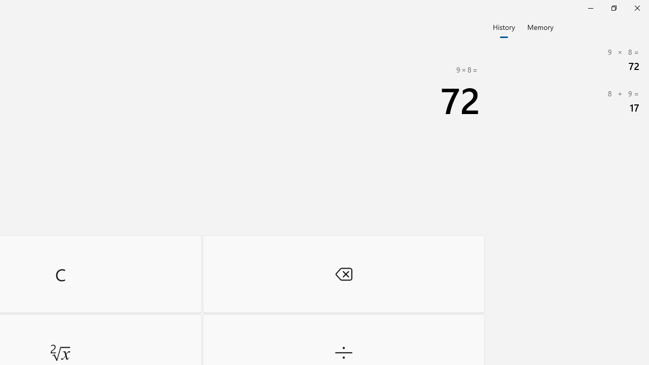 This screenshot has width=649, height=365. What do you see at coordinates (590, 8) in the screenshot?
I see `'Minimize Calculator'` at bounding box center [590, 8].